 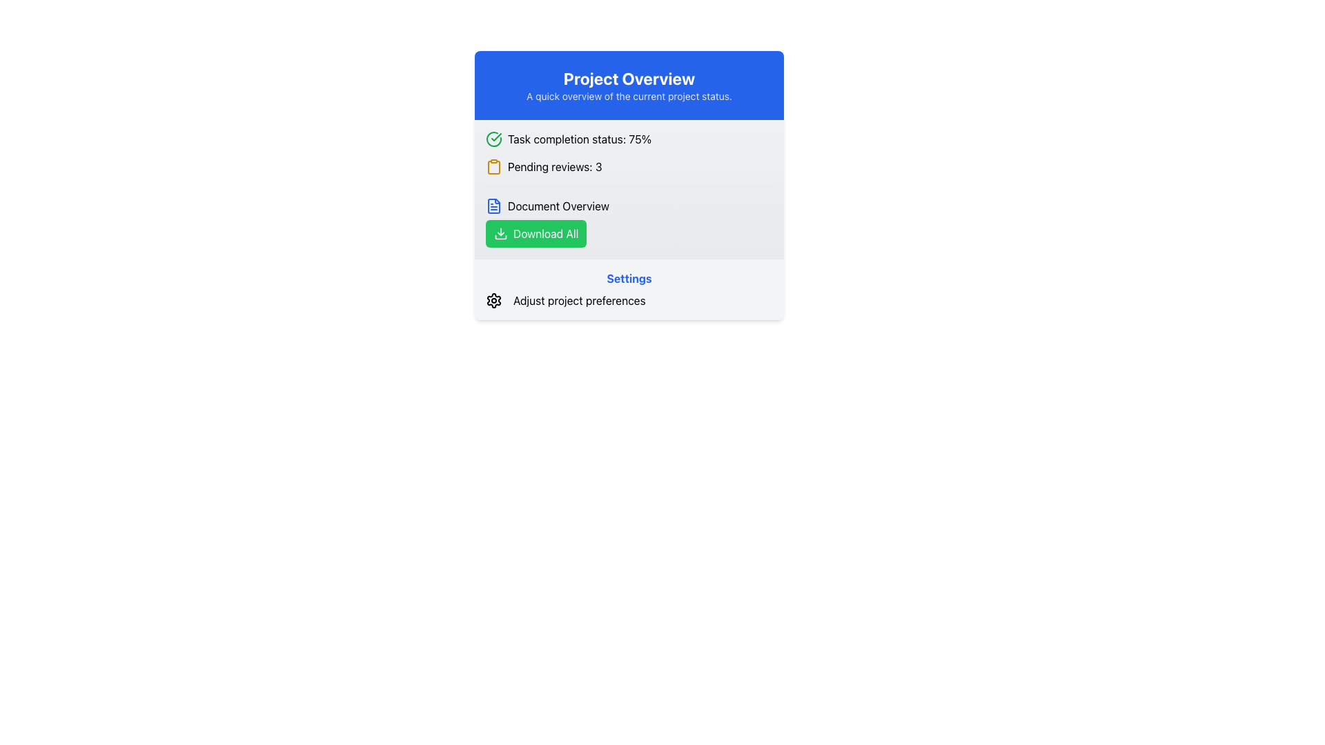 What do you see at coordinates (629, 288) in the screenshot?
I see `the 'Settings' informational area with a blue title and black subtitle, which is located near the bottom of the 'Project Overview' section` at bounding box center [629, 288].